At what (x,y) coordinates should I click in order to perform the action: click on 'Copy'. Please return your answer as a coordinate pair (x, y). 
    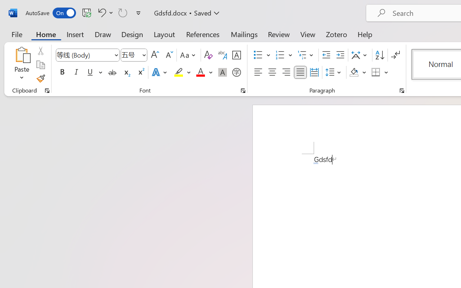
    Looking at the image, I should click on (40, 64).